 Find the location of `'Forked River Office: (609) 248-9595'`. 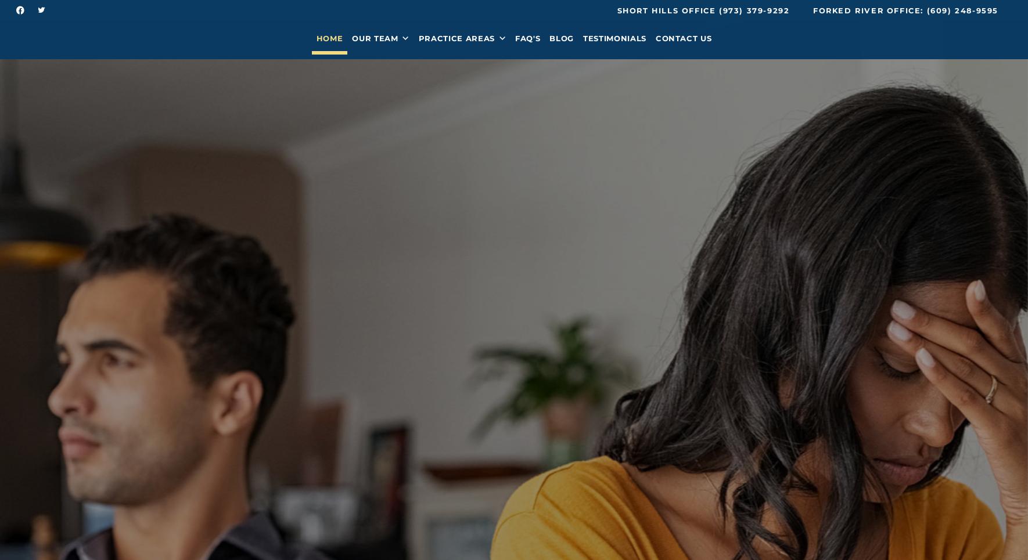

'Forked River Office: (609) 248-9595' is located at coordinates (905, 10).